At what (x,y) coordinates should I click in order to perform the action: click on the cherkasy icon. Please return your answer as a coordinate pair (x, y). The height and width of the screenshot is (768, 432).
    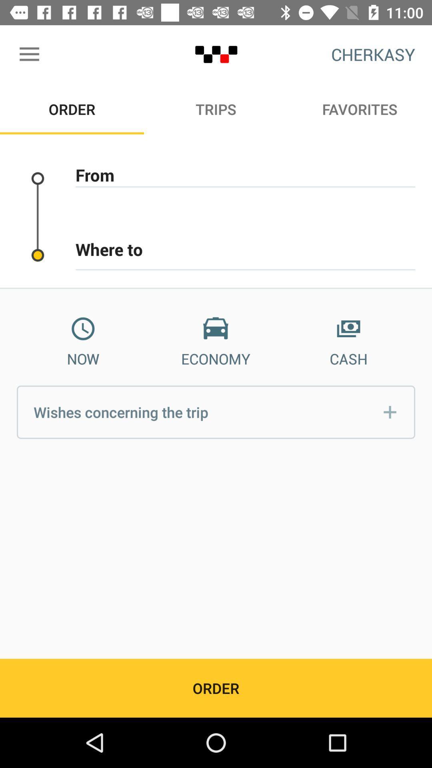
    Looking at the image, I should click on (373, 54).